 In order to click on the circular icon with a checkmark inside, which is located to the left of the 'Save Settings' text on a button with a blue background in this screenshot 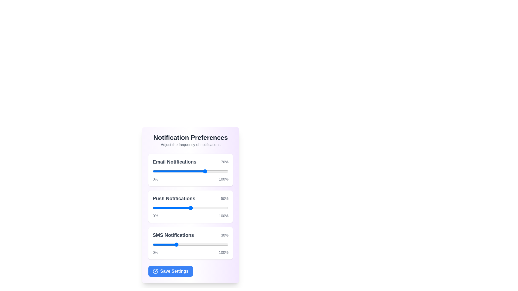, I will do `click(155, 271)`.